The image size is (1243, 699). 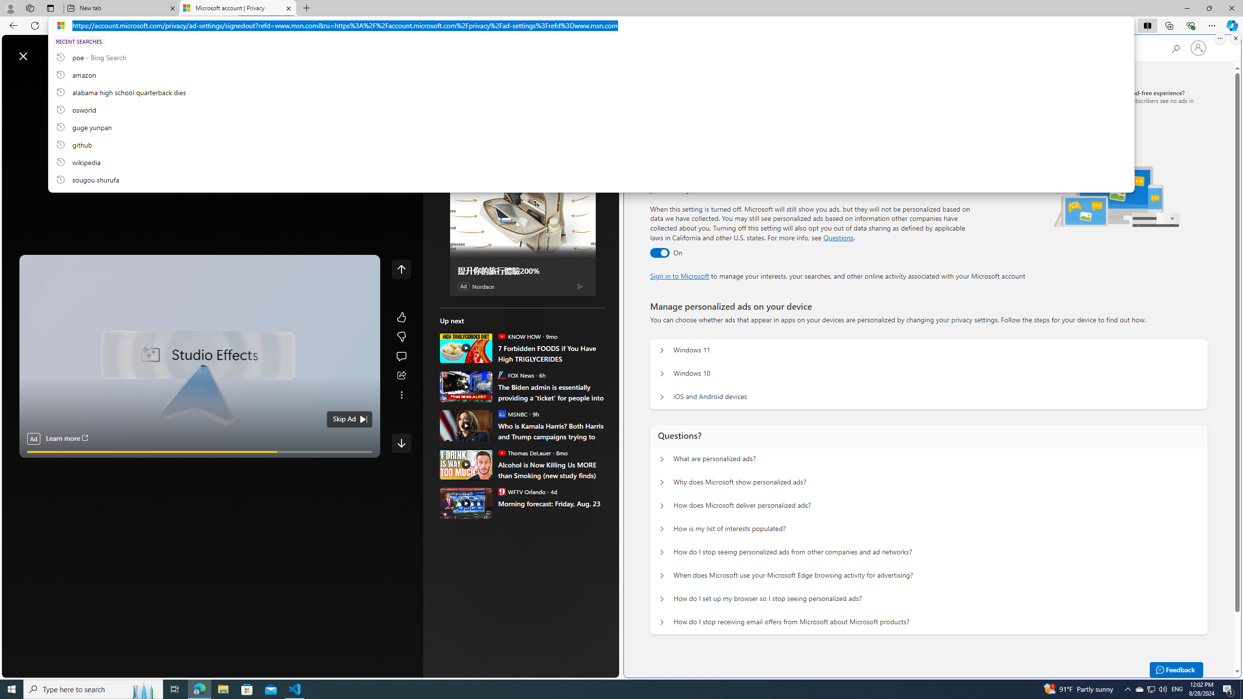 I want to click on 'Illustration of multiple devices', so click(x=1116, y=196).